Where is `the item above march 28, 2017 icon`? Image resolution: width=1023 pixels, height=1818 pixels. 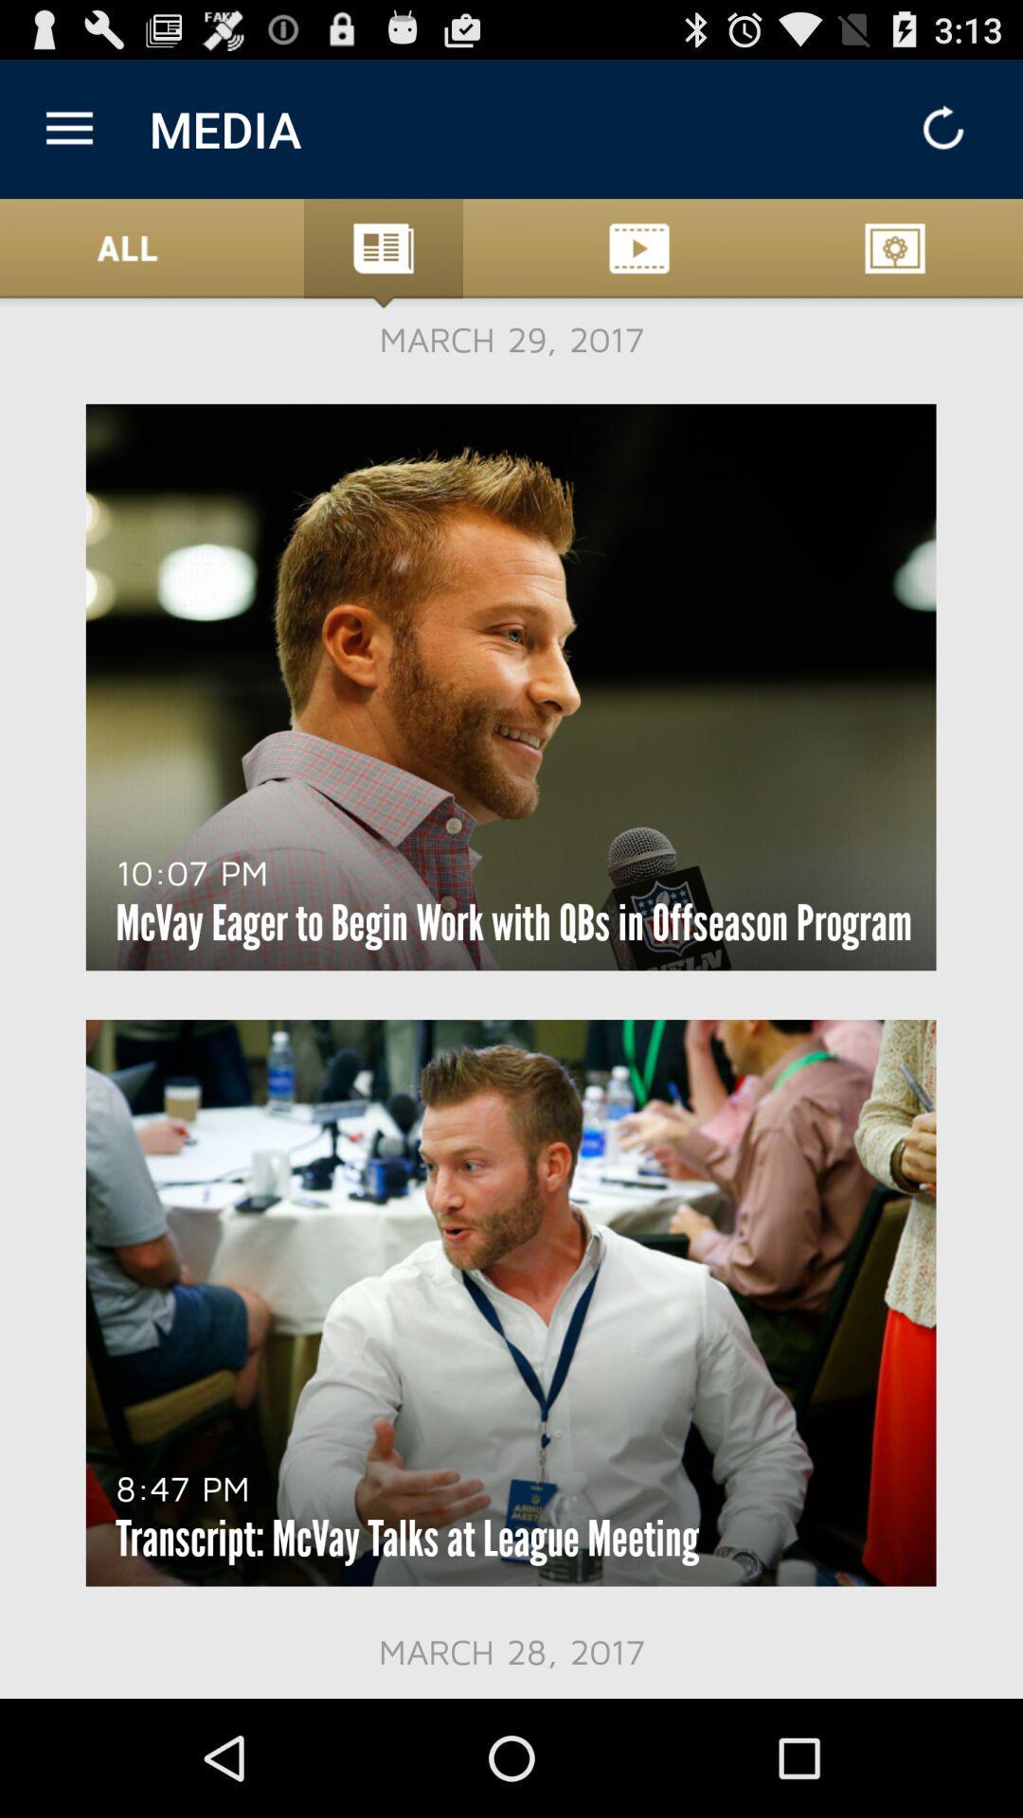 the item above march 28, 2017 icon is located at coordinates (406, 1539).